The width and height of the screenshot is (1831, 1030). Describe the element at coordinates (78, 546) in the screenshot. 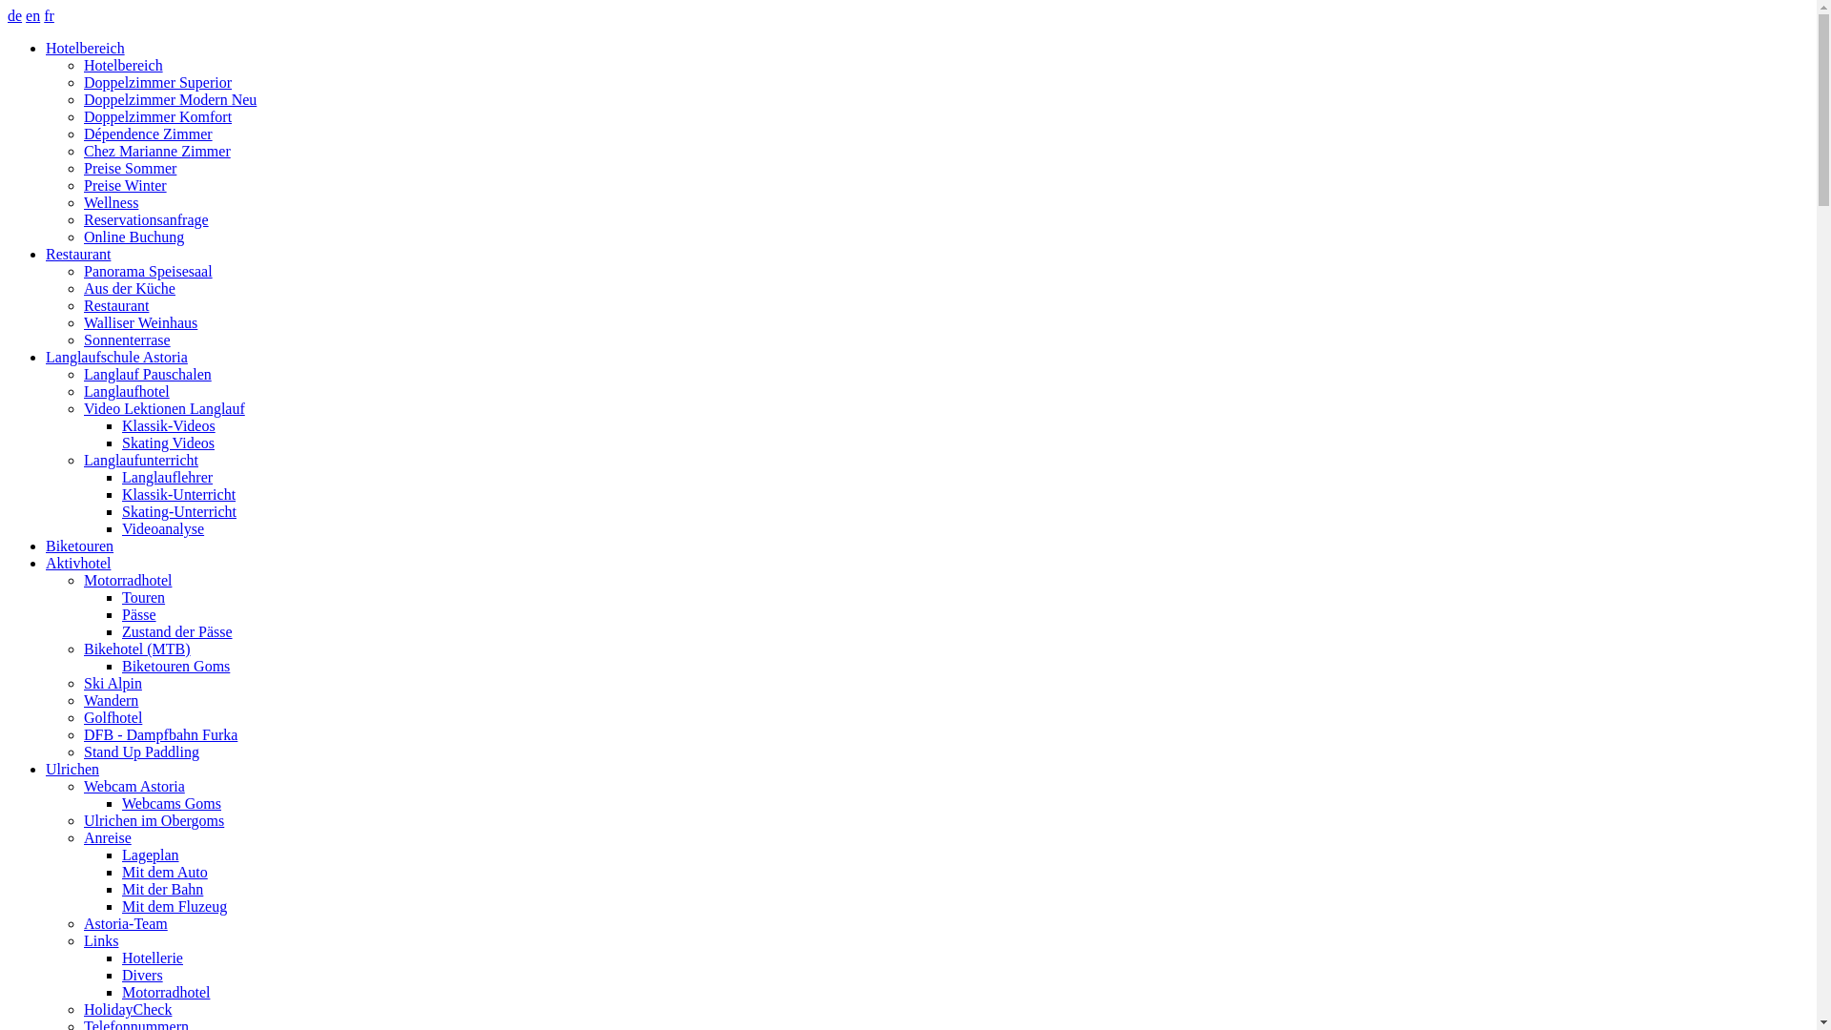

I see `'Biketouren'` at that location.